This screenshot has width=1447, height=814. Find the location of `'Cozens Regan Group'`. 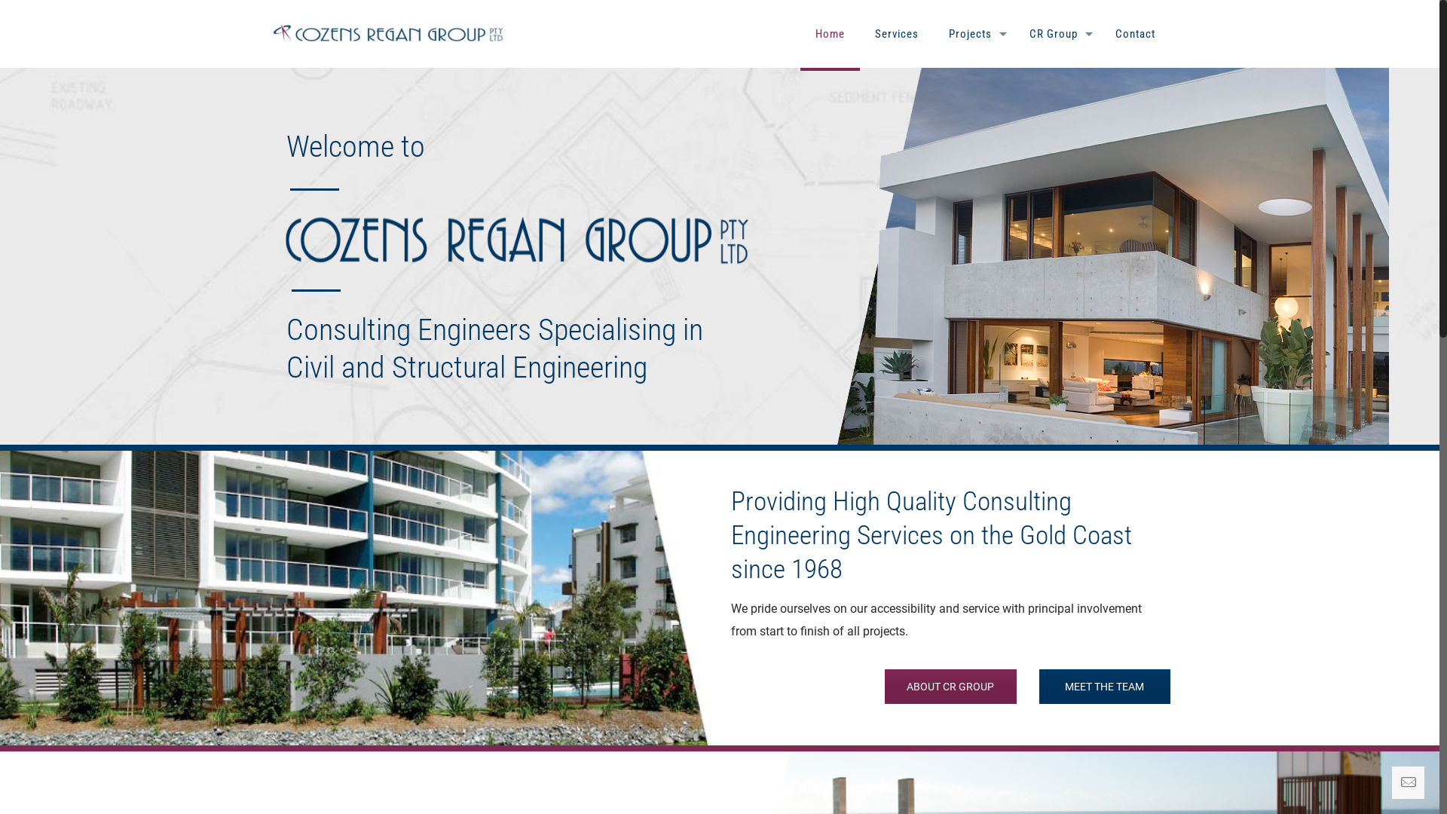

'Cozens Regan Group' is located at coordinates (388, 34).